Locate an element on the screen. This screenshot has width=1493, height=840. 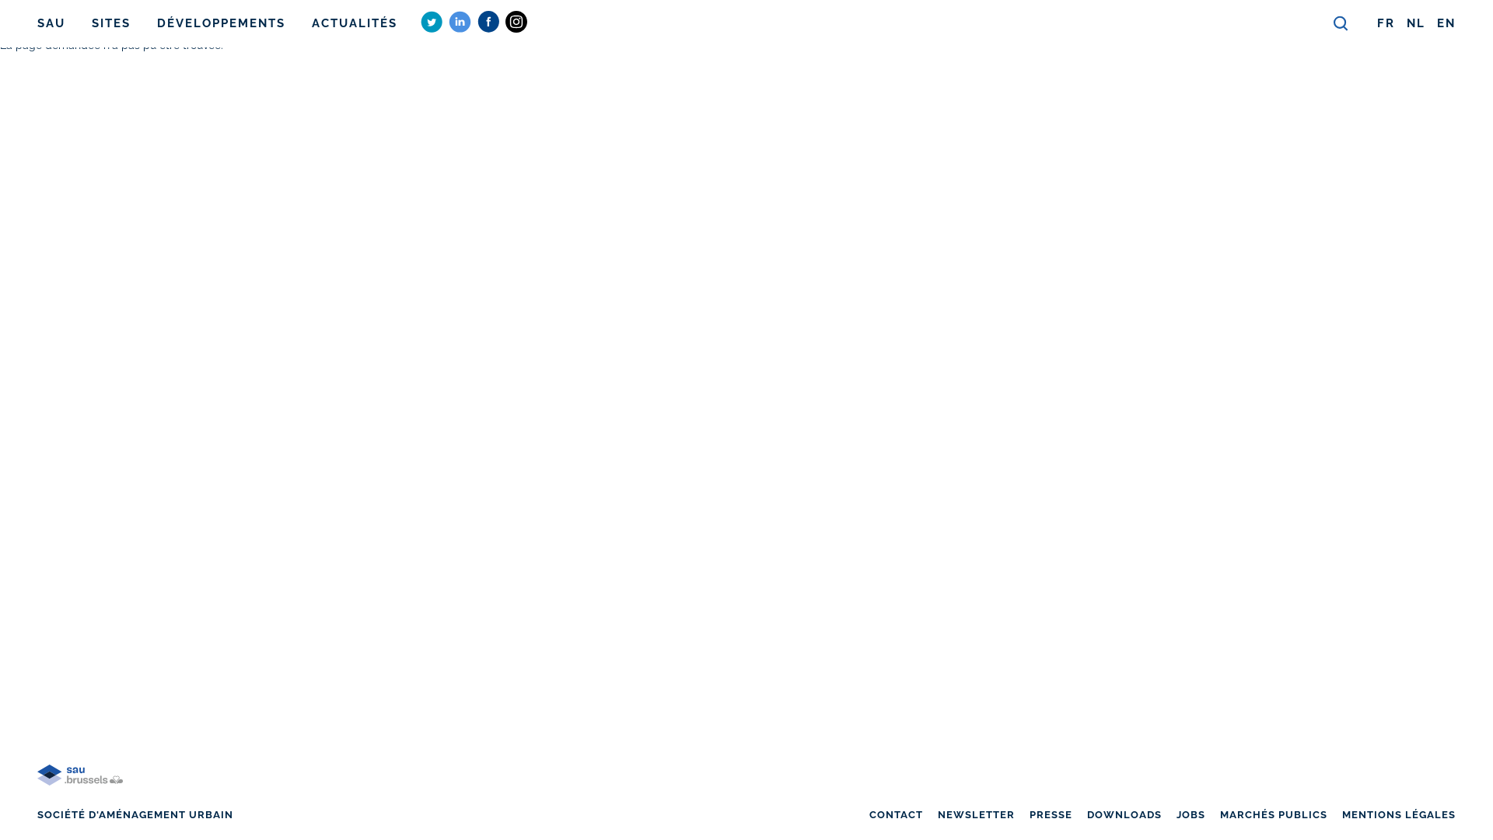
'JOBS' is located at coordinates (1190, 814).